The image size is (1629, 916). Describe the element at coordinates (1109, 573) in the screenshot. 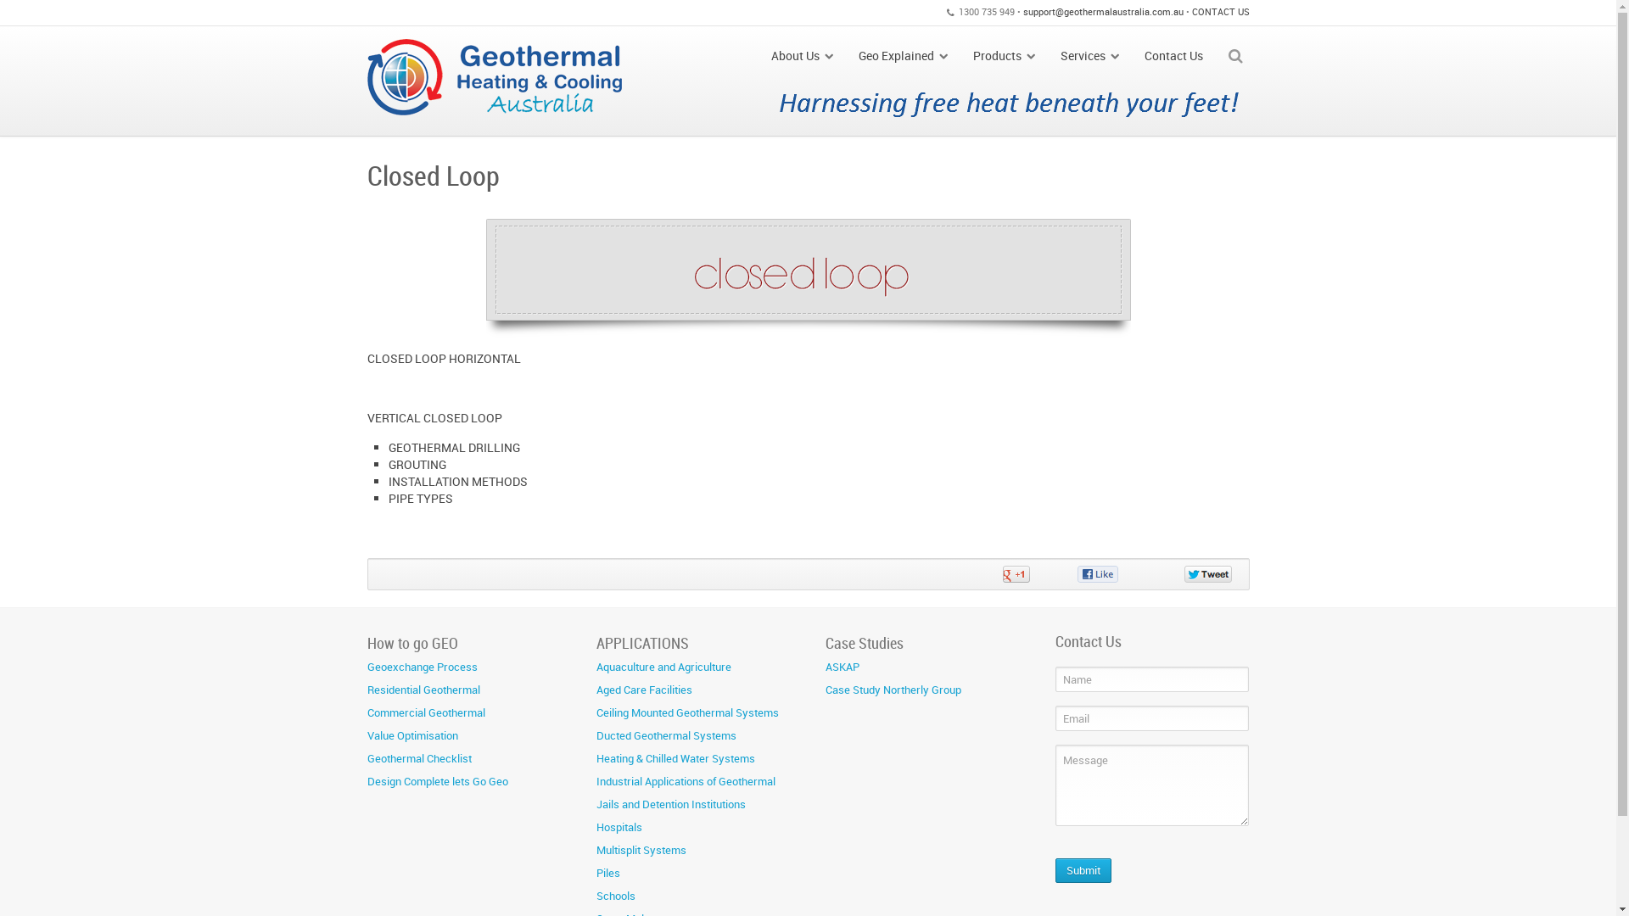

I see `'Share on Facebook'` at that location.